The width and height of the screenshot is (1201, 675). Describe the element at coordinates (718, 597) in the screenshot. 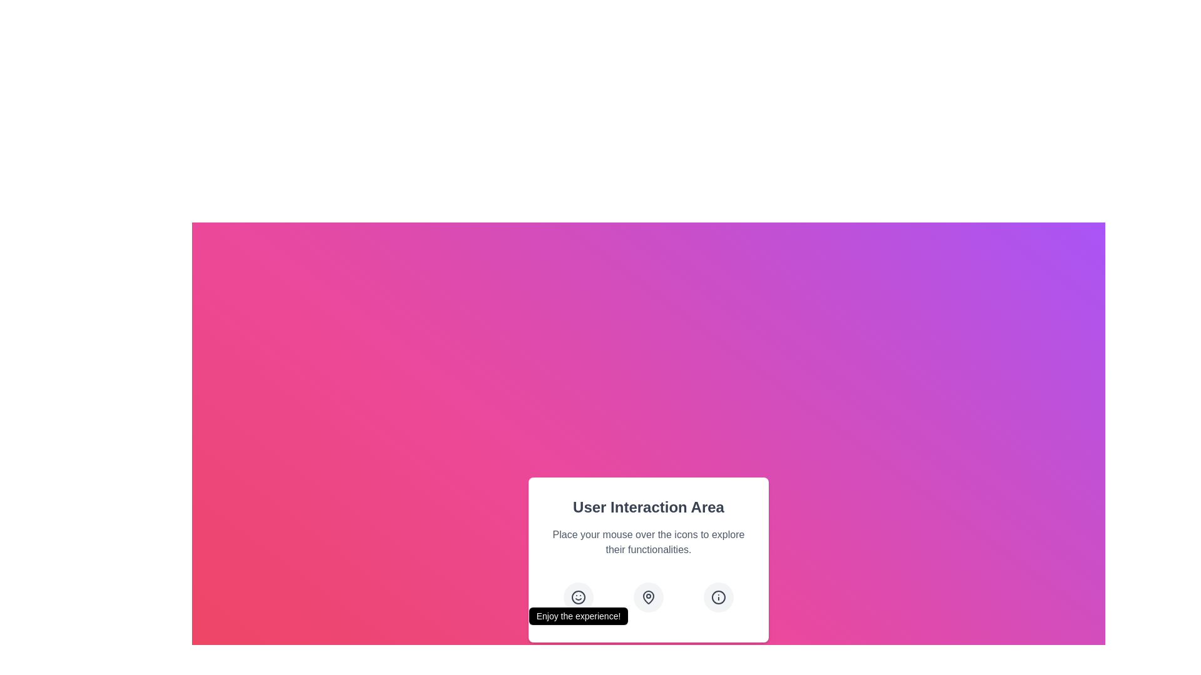

I see `the interactive button located in the lower-right corner of the three circular icons within the 'User Interaction Area' panel` at that location.